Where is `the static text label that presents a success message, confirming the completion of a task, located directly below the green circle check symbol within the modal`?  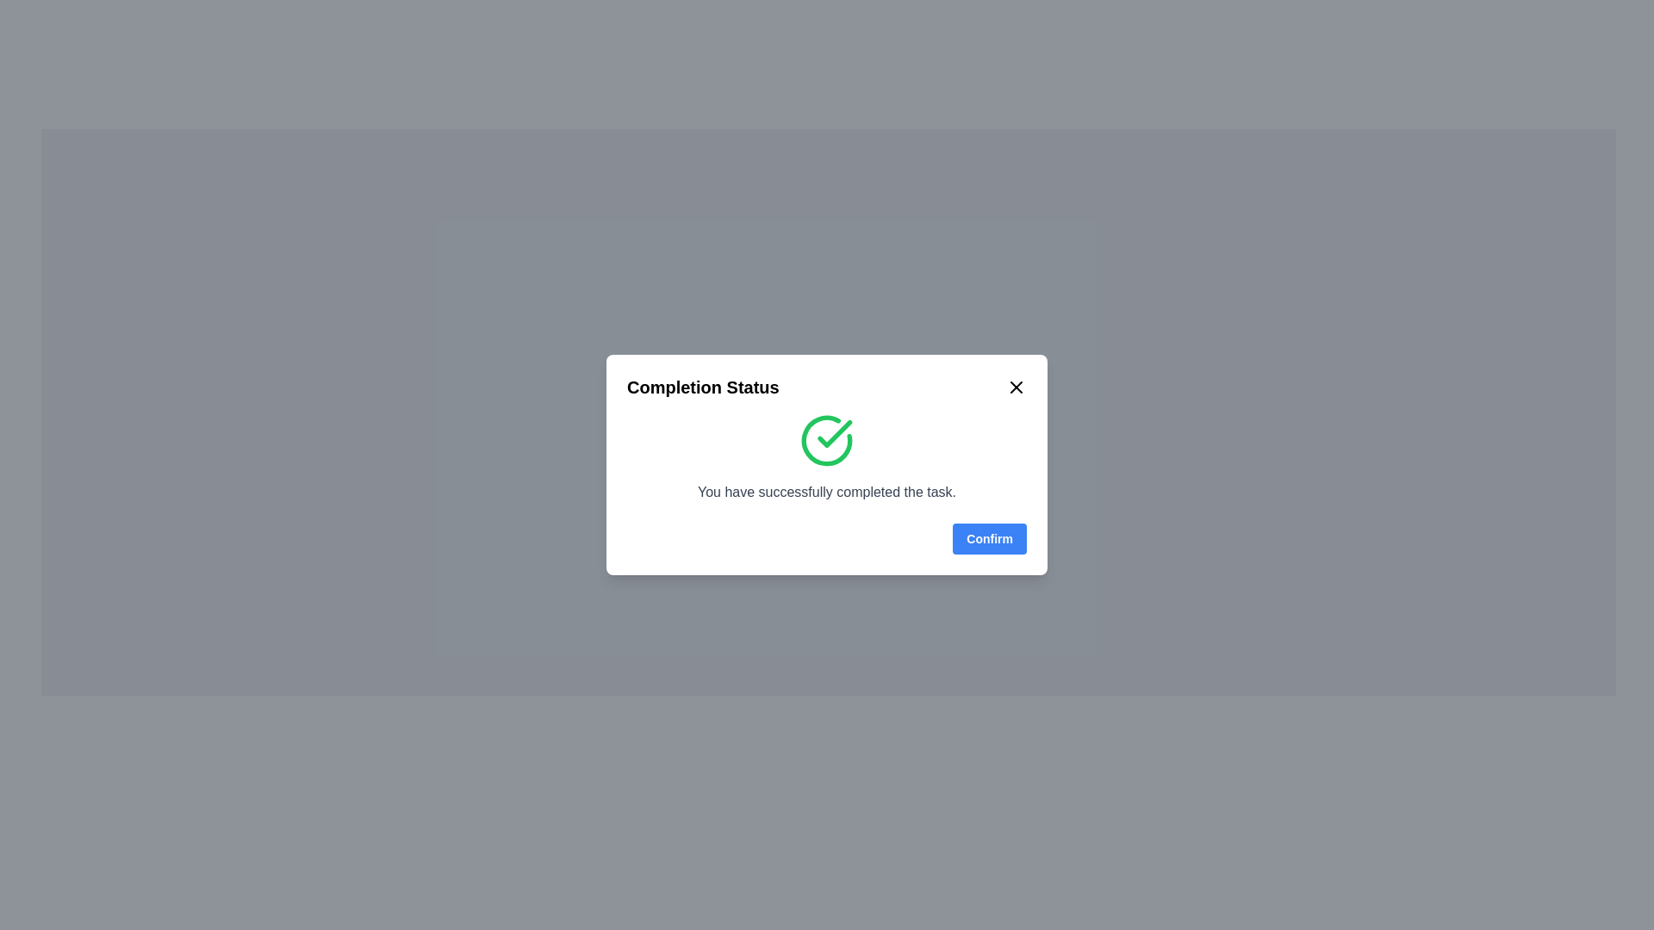
the static text label that presents a success message, confirming the completion of a task, located directly below the green circle check symbol within the modal is located at coordinates (827, 492).